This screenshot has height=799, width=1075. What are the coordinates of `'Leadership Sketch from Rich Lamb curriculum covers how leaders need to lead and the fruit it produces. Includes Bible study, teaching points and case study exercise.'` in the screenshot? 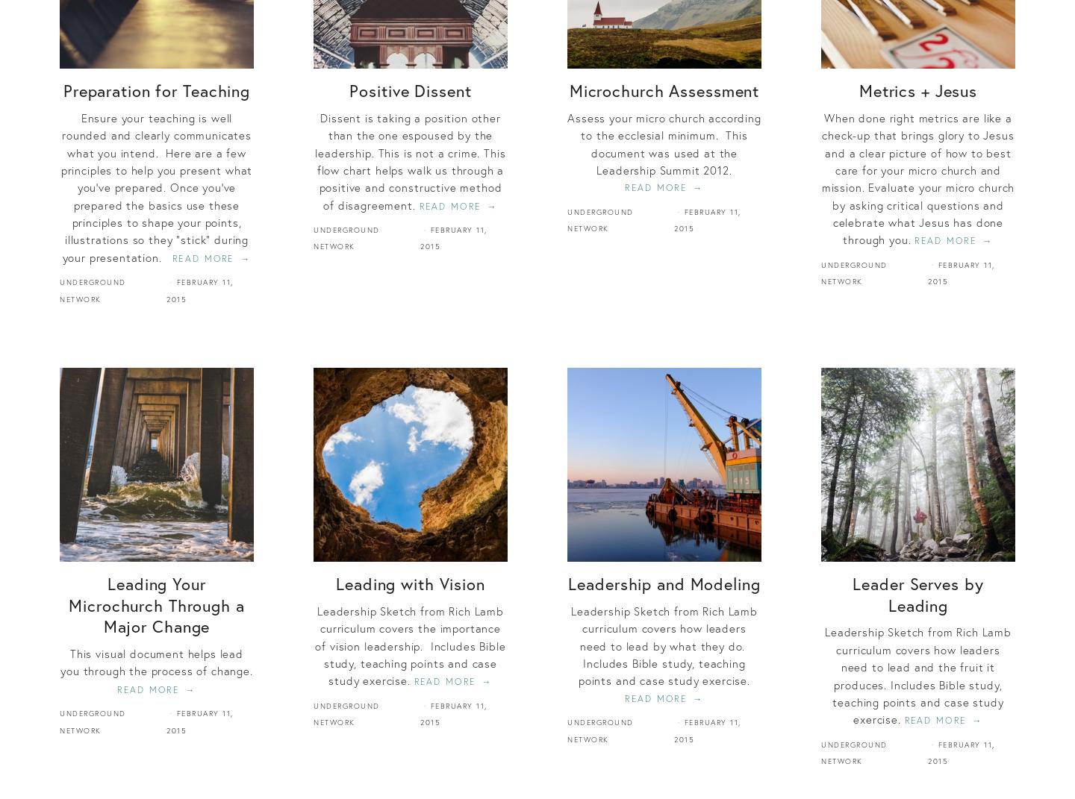 It's located at (917, 675).